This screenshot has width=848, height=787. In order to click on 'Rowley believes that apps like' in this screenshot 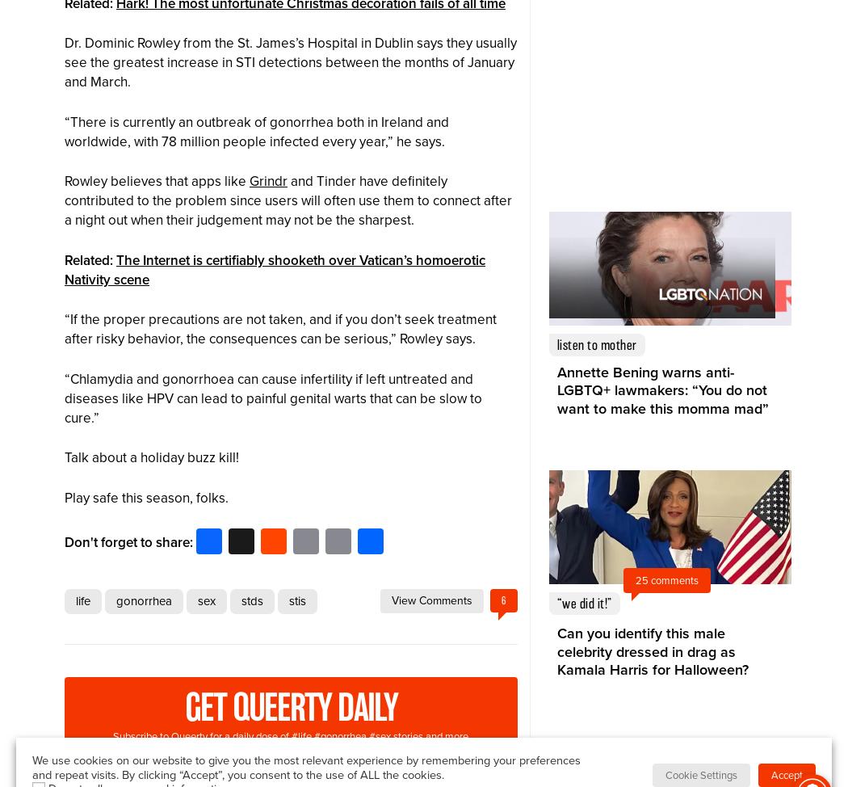, I will do `click(156, 181)`.